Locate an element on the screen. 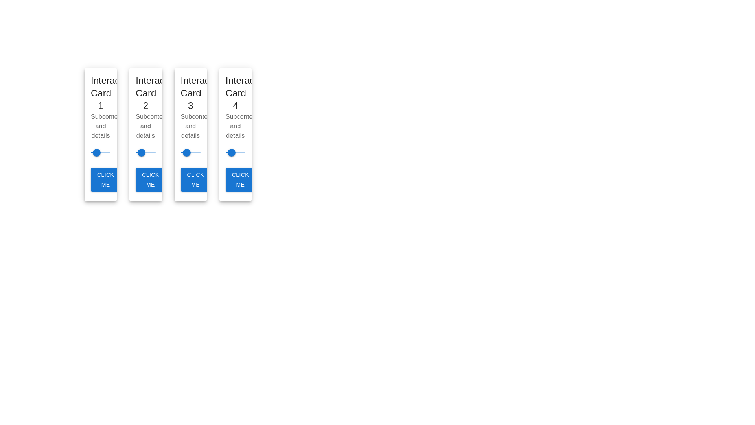  the slider's value is located at coordinates (193, 153).